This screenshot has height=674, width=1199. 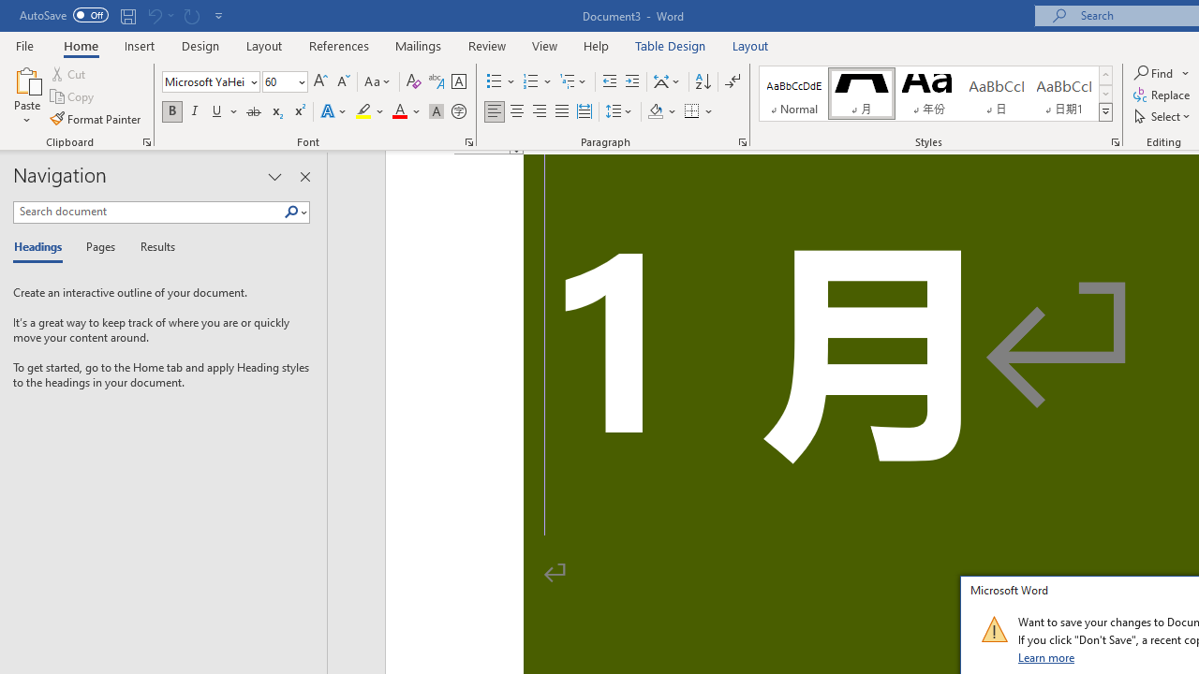 I want to click on 'Find', so click(x=1154, y=72).